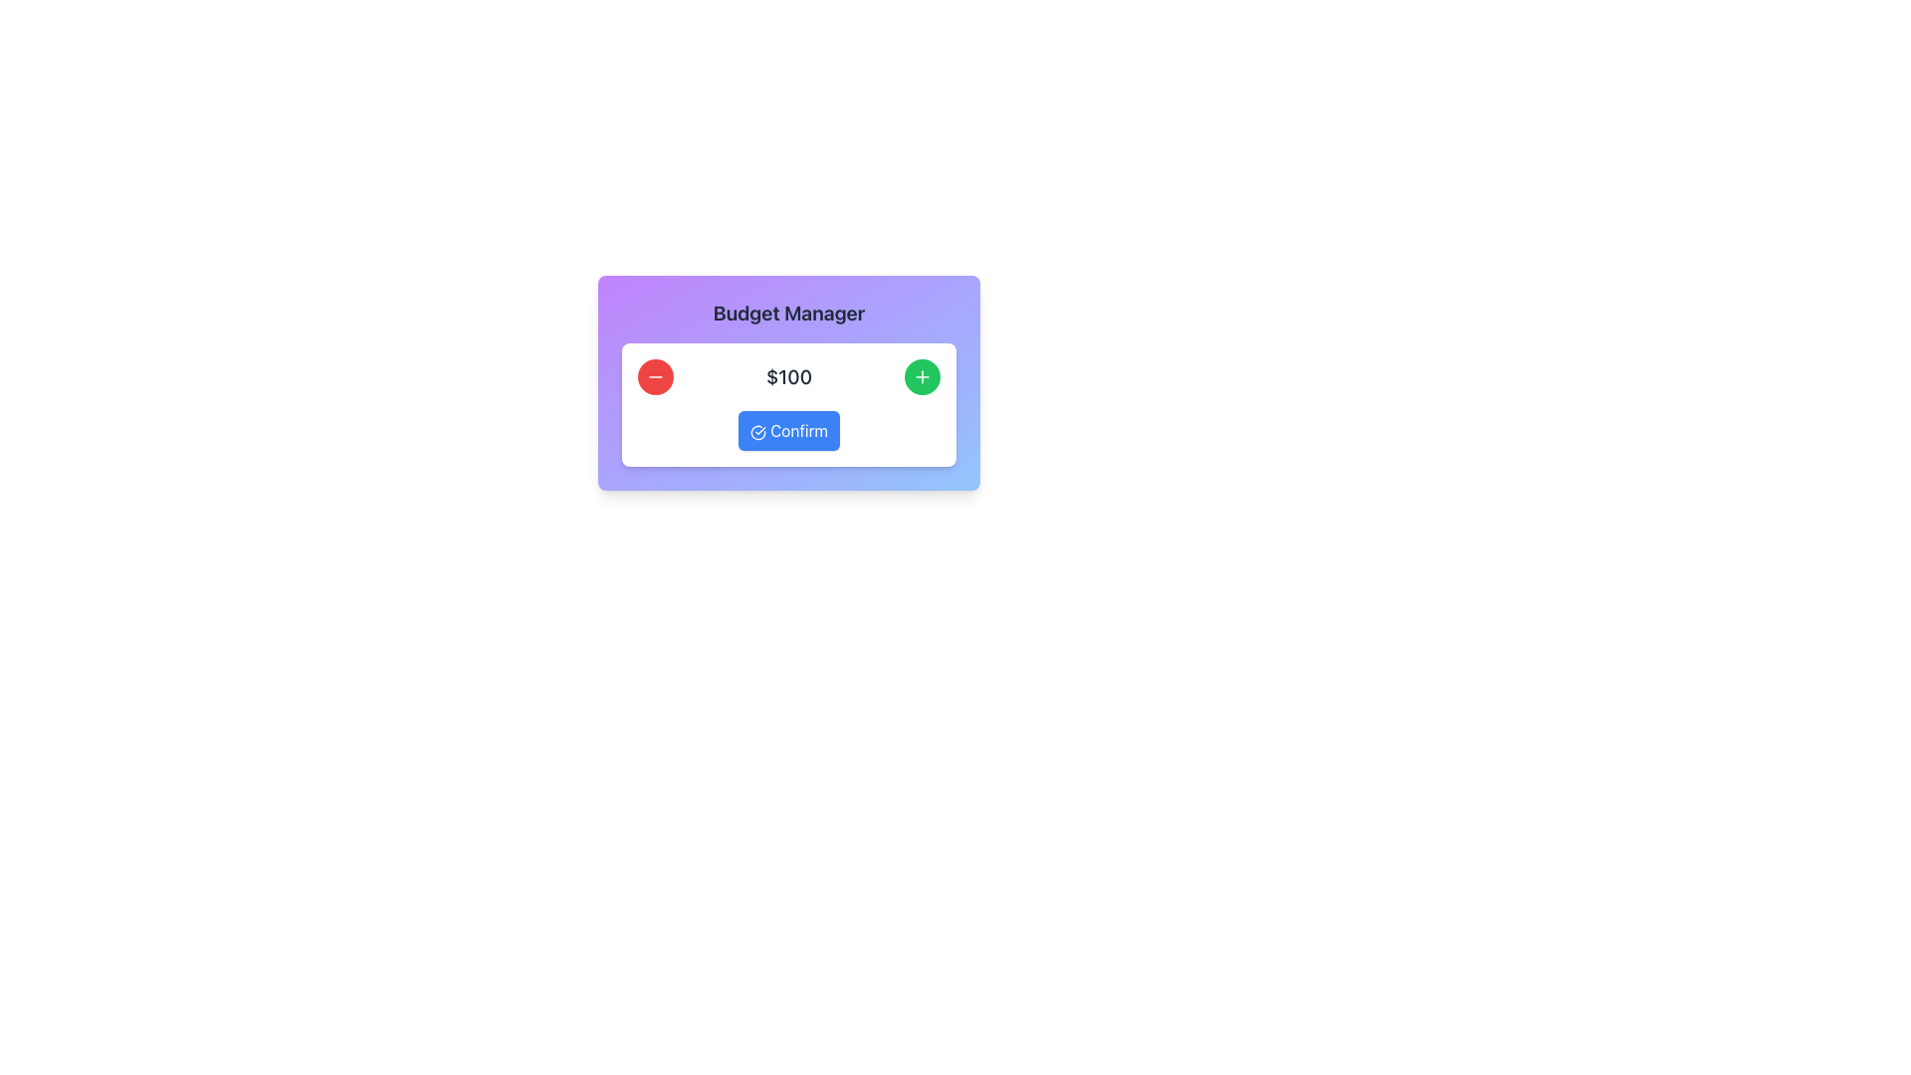 This screenshot has width=1911, height=1075. What do you see at coordinates (655, 376) in the screenshot?
I see `the red circular button with a white minus sign icon located to the left of the central price display` at bounding box center [655, 376].